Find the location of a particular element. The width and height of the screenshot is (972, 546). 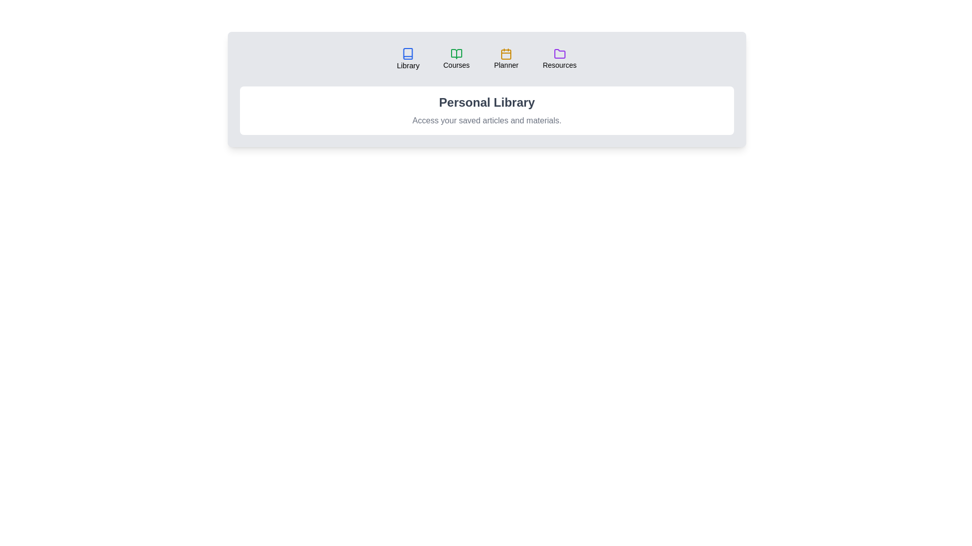

the Courses tab to view its content is located at coordinates (456, 59).